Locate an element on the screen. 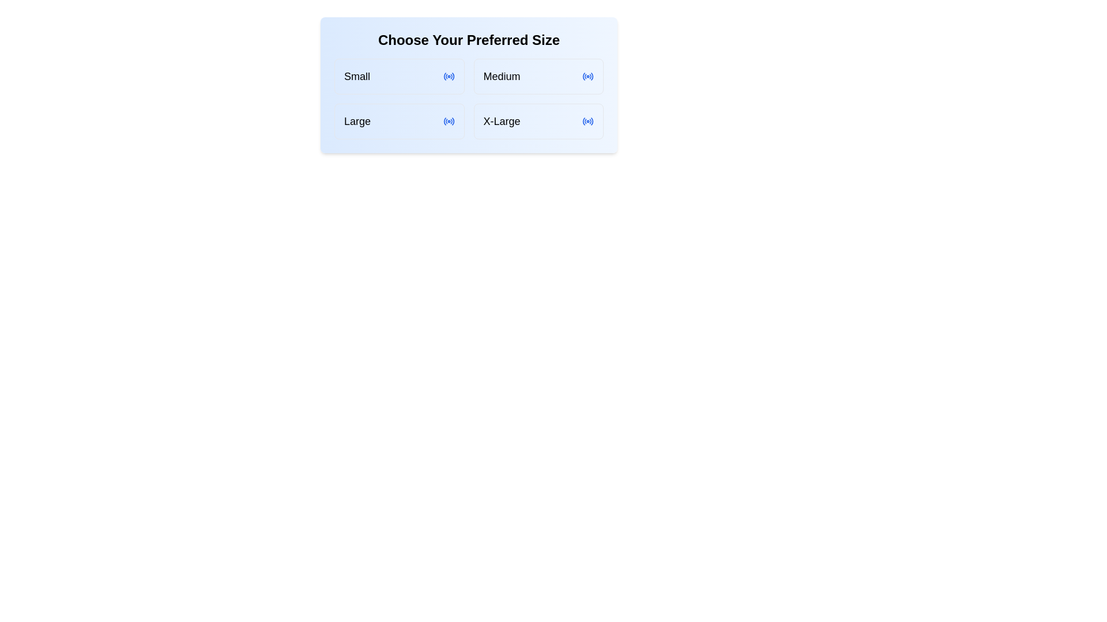 The height and width of the screenshot is (622, 1107). the 'Medium' size option button located in the first row of the size selection grid, to the right of the 'Small' button is located at coordinates (538, 76).